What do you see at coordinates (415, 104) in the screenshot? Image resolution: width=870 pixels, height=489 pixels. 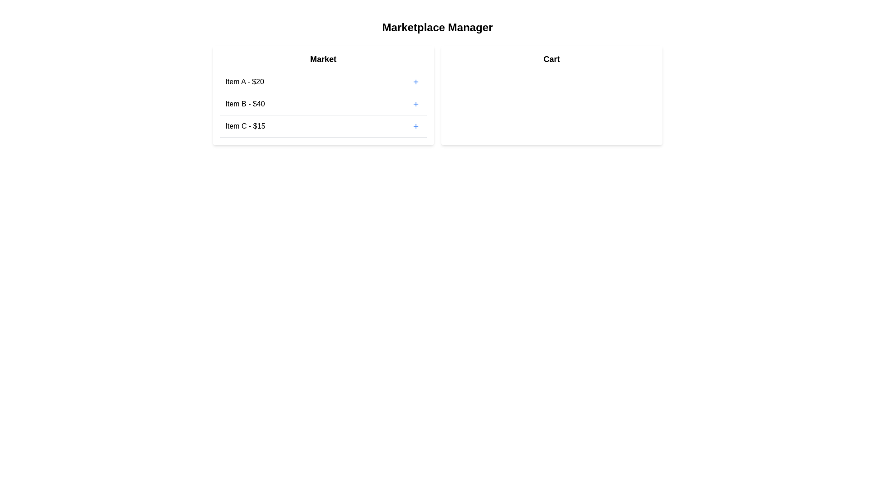 I see `'+' button next to the item Item B to add it to the cart` at bounding box center [415, 104].